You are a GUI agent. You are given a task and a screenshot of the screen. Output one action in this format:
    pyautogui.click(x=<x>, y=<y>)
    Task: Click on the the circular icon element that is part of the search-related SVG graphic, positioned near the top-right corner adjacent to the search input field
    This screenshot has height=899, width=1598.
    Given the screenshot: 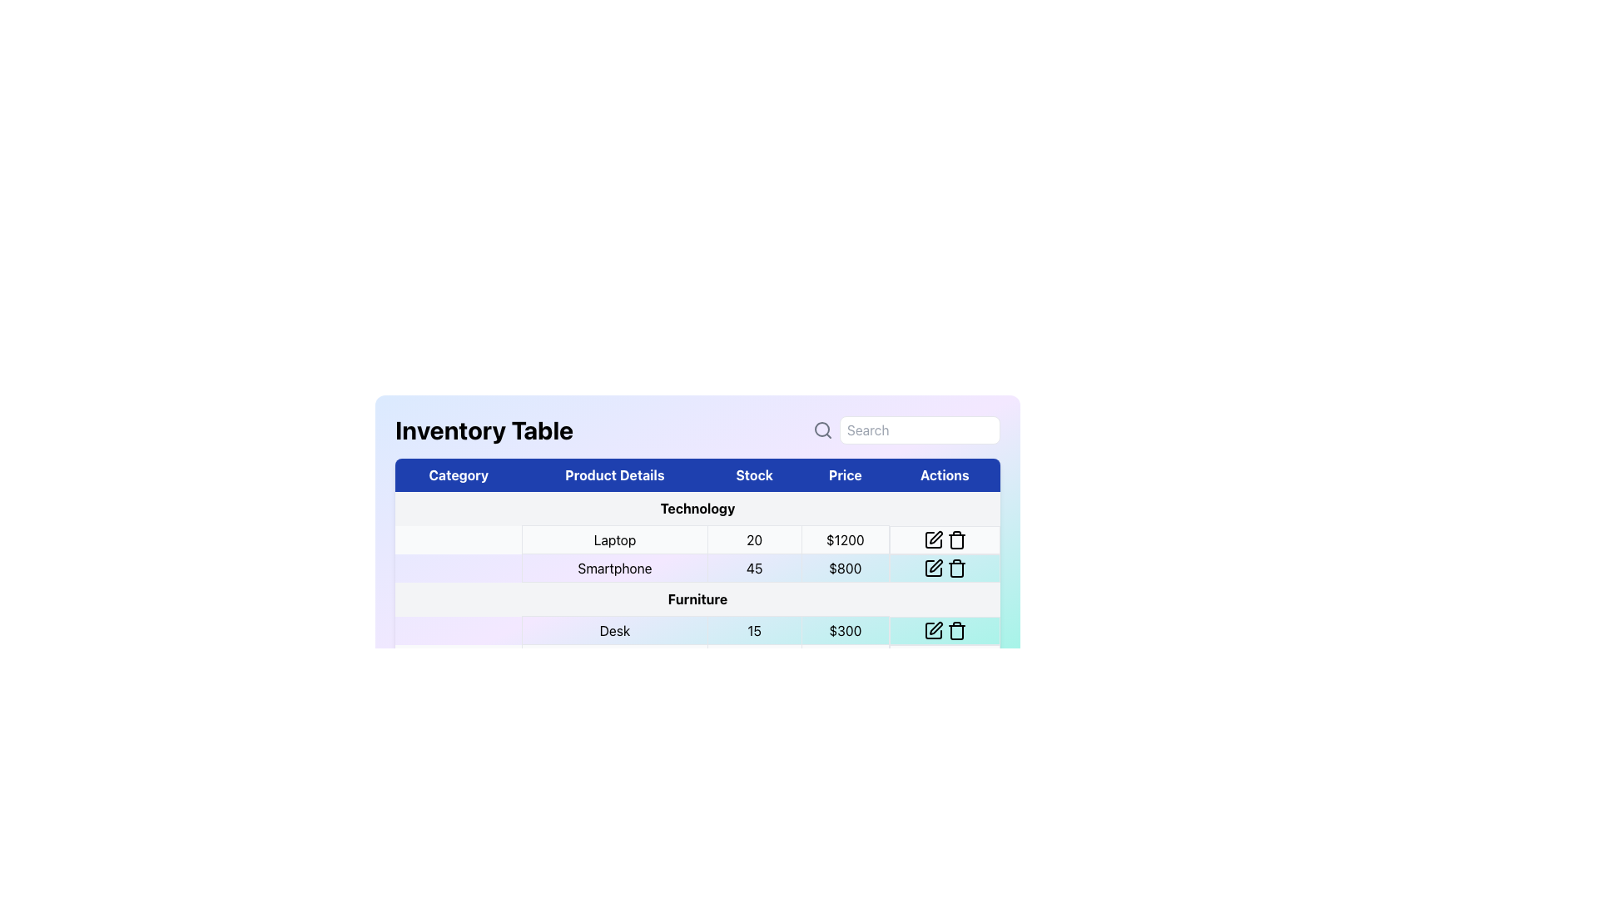 What is the action you would take?
    pyautogui.click(x=822, y=429)
    